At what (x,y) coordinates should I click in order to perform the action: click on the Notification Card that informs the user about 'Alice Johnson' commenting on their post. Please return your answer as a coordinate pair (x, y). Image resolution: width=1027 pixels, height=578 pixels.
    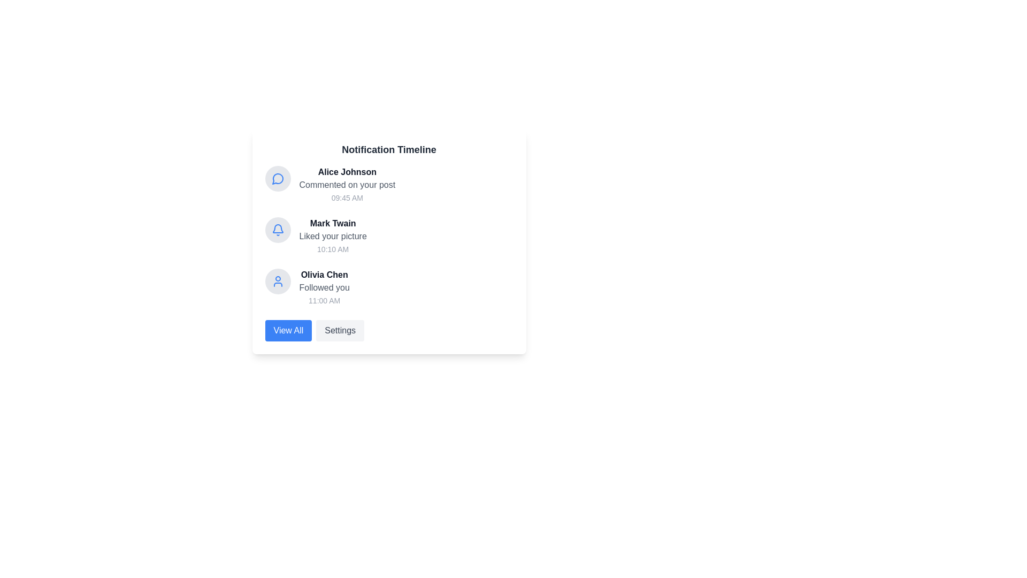
    Looking at the image, I should click on (388, 185).